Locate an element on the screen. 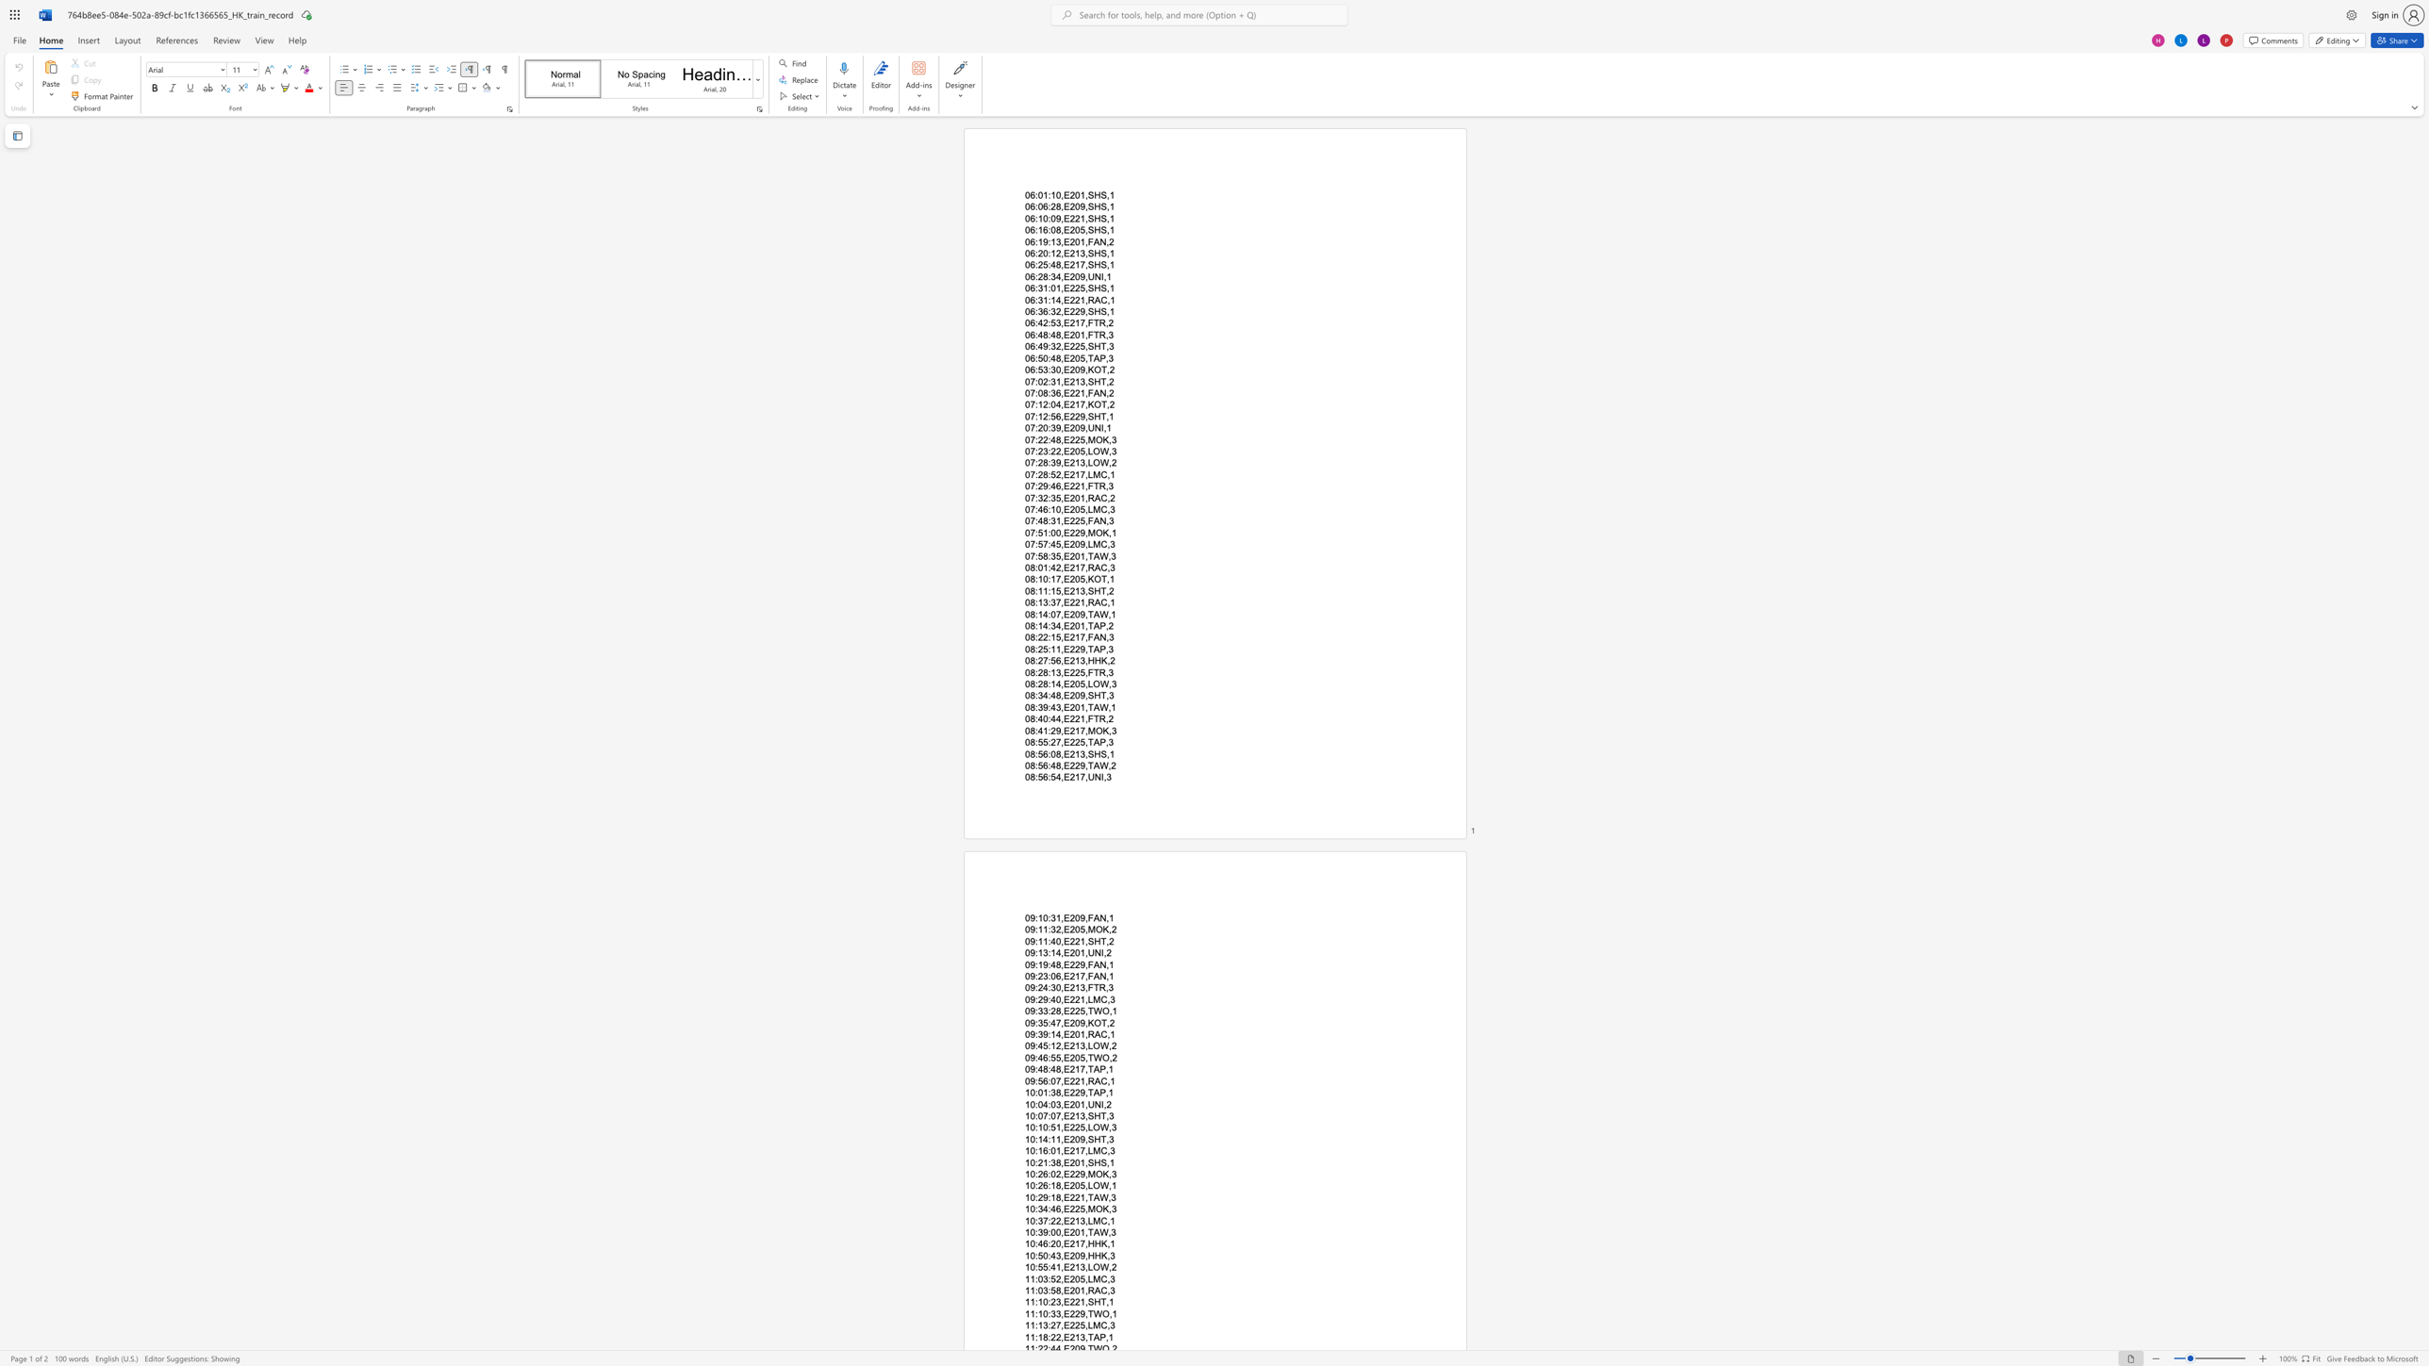 Image resolution: width=2429 pixels, height=1366 pixels. the subset text ":55:41,E213,L" within the text "10:55:41,E213,LOW,2" is located at coordinates (1034, 1267).